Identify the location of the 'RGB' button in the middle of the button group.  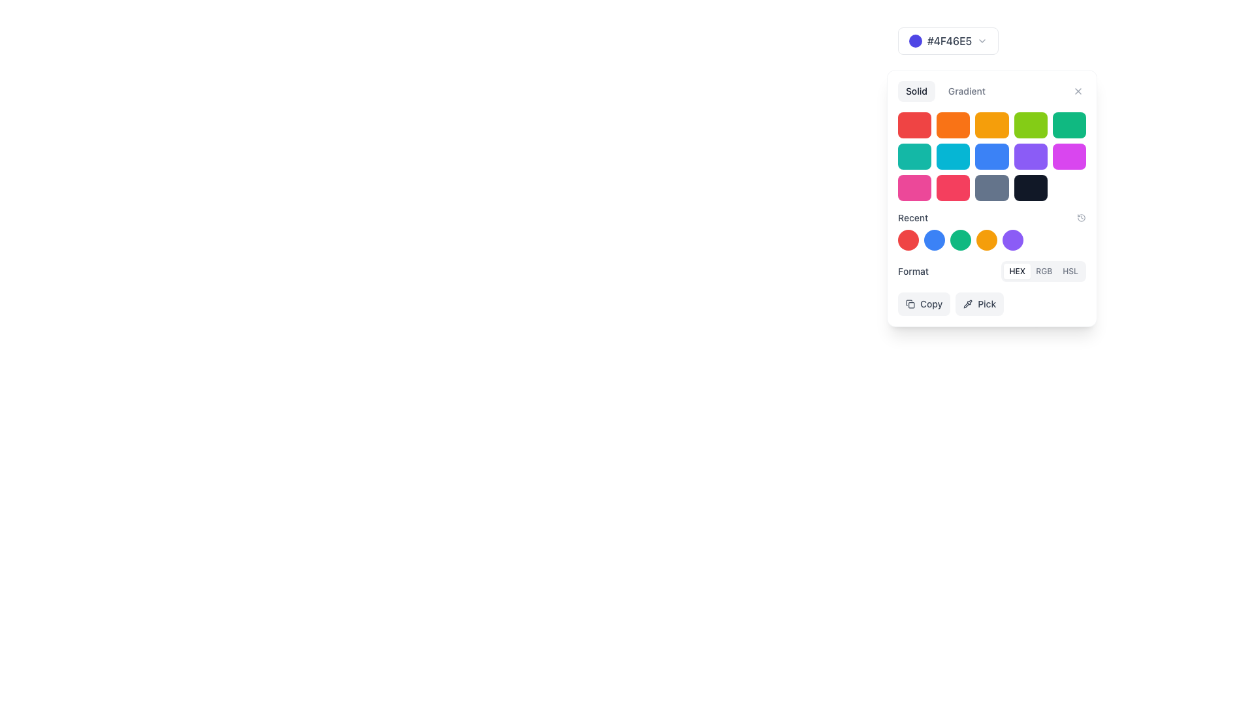
(1043, 271).